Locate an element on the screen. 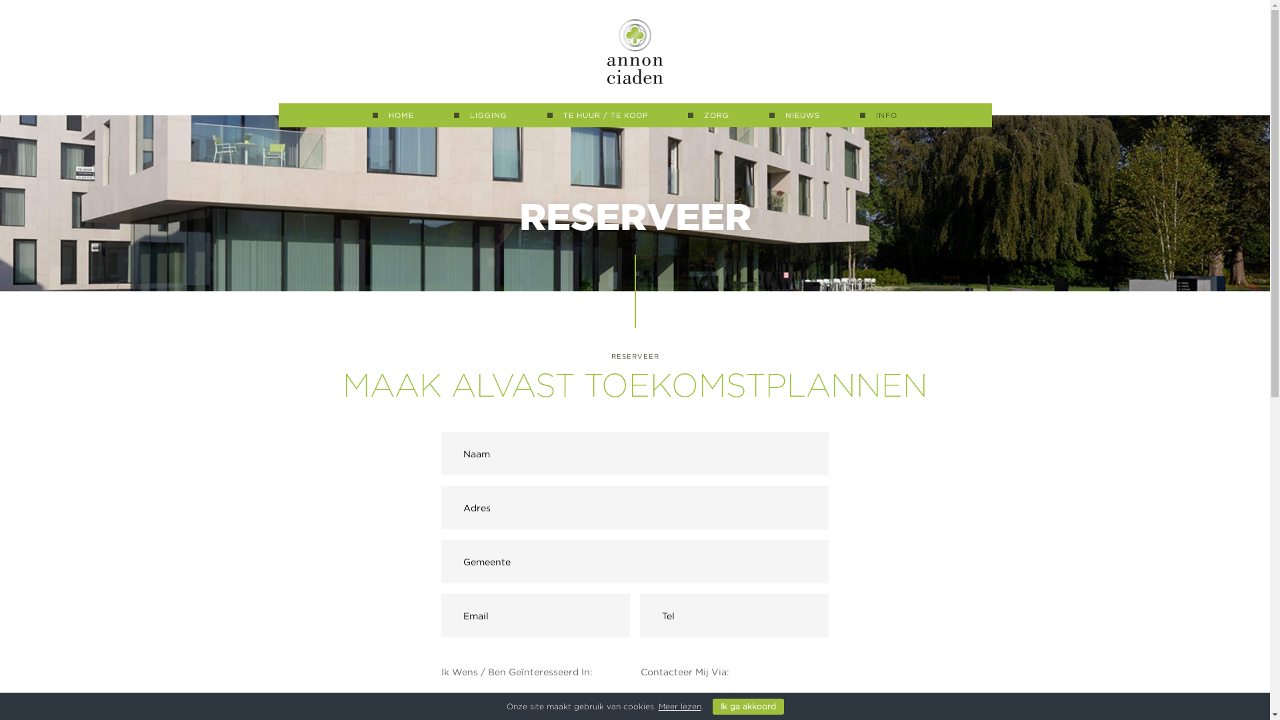 The image size is (1280, 720). 'NIEUWS' is located at coordinates (794, 115).